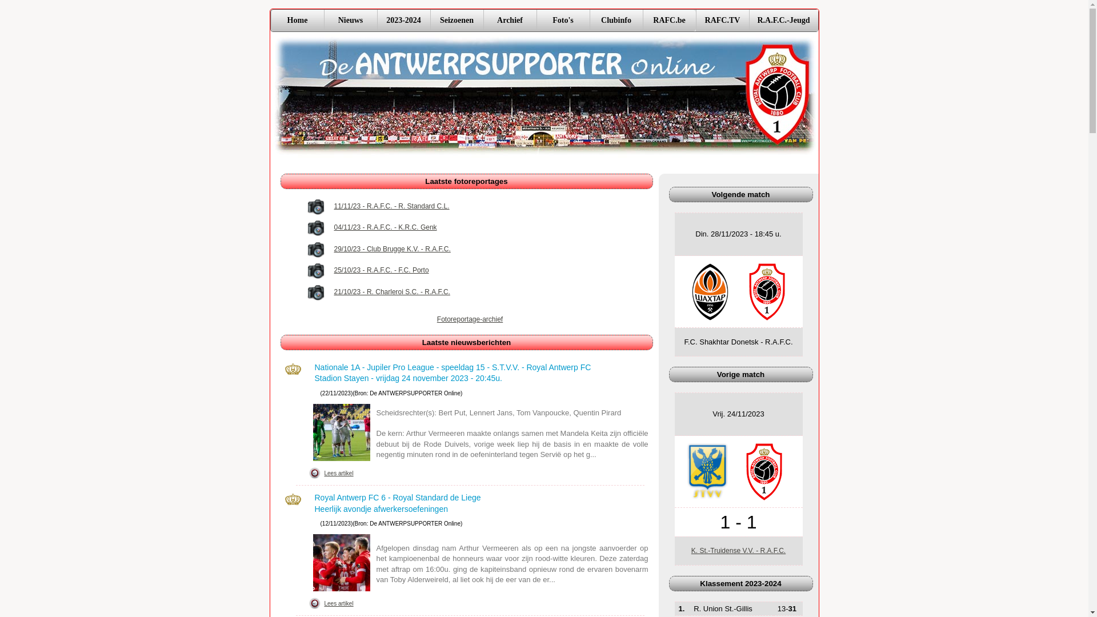 The width and height of the screenshot is (1097, 617). What do you see at coordinates (470, 319) in the screenshot?
I see `'Fotoreportage-archief'` at bounding box center [470, 319].